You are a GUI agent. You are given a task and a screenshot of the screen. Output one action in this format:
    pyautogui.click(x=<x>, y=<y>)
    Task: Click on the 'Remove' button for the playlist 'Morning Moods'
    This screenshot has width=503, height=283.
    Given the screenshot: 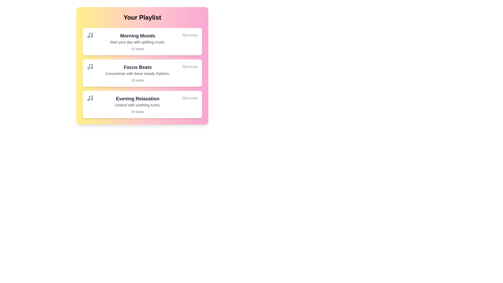 What is the action you would take?
    pyautogui.click(x=189, y=35)
    